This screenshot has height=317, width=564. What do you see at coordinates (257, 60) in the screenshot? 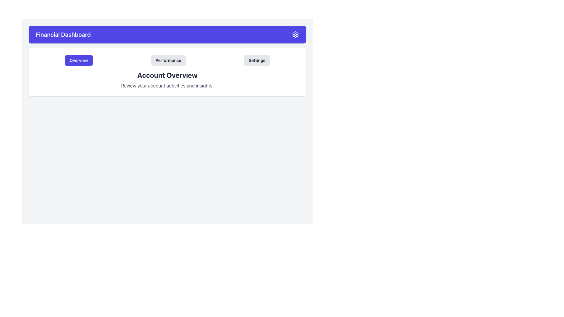
I see `the 'Settings' button` at bounding box center [257, 60].